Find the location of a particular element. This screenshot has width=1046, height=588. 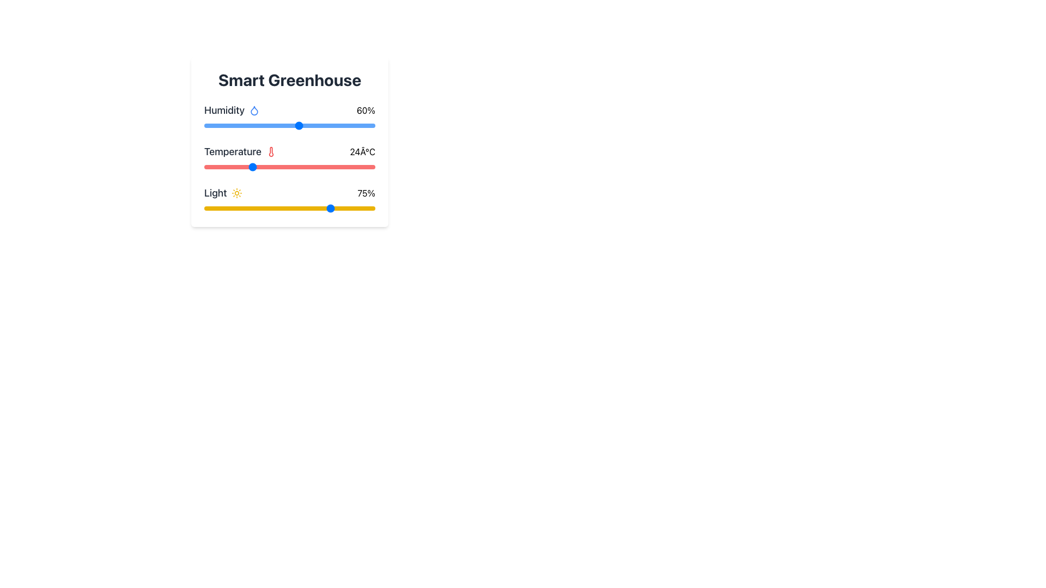

the Text Label that displays '60%' in bold black text, located at the right end of the 'Humidity' row, next to the blue droplet icon is located at coordinates (366, 111).